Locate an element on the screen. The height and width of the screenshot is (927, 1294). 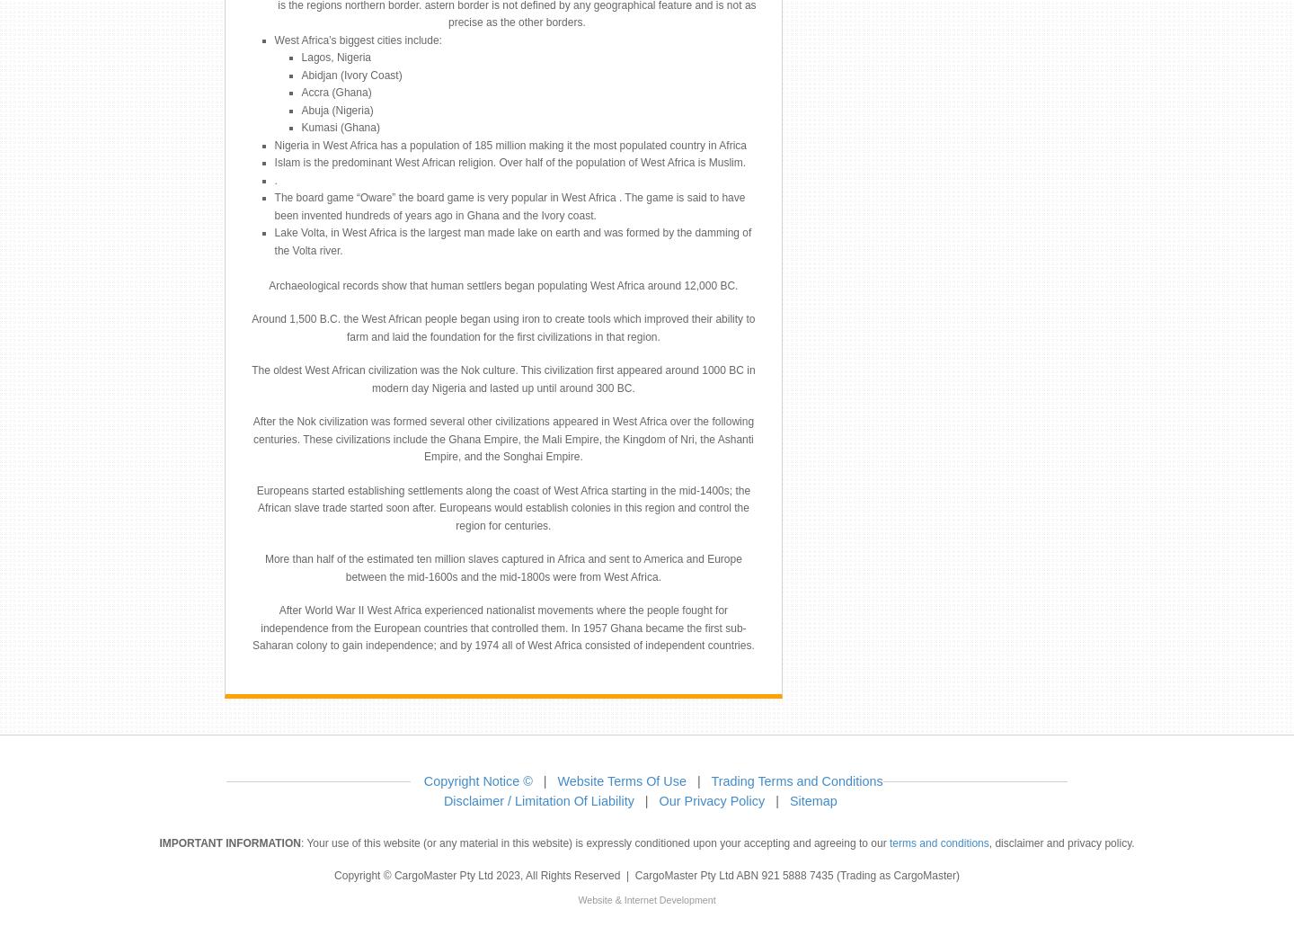
'Copyright Notice ©' is located at coordinates (476, 780).